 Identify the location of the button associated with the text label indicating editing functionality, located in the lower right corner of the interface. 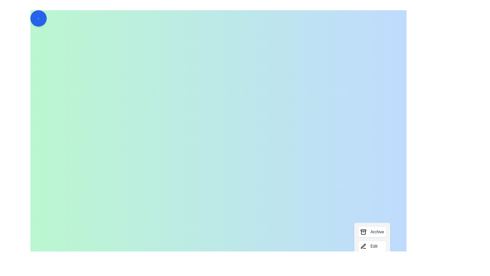
(374, 246).